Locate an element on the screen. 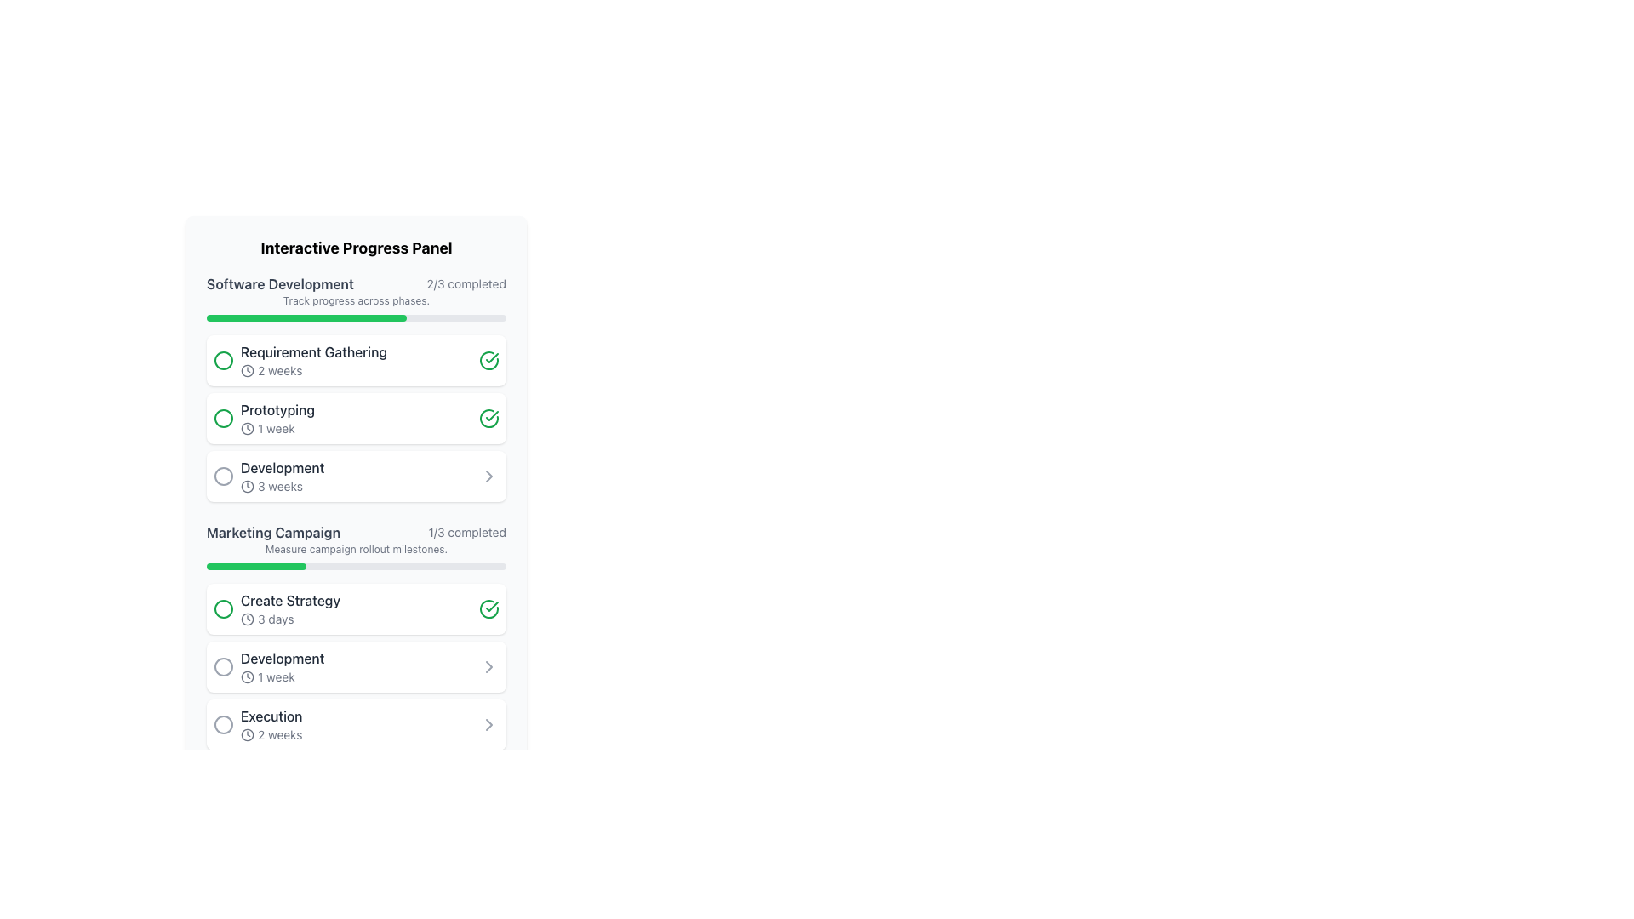 The image size is (1634, 919). the first task item display for 'Requirement Gathering' in the 'Software Development' section of the 'Interactive Progress Panel' is located at coordinates (314, 360).